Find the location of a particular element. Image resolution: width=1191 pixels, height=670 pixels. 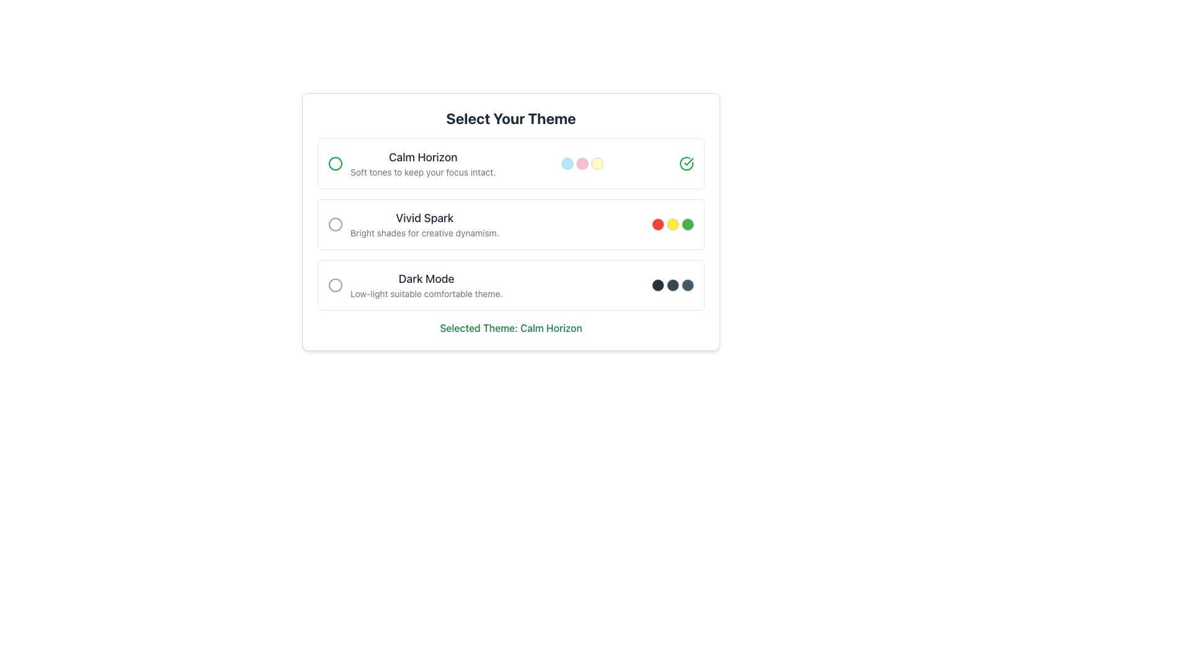

description of the theme titled 'Calm Horizon' which is the first selectable item in the 'Select Your Theme' interface, featuring a bold dark gray title and a lighter gray description is located at coordinates (412, 163).